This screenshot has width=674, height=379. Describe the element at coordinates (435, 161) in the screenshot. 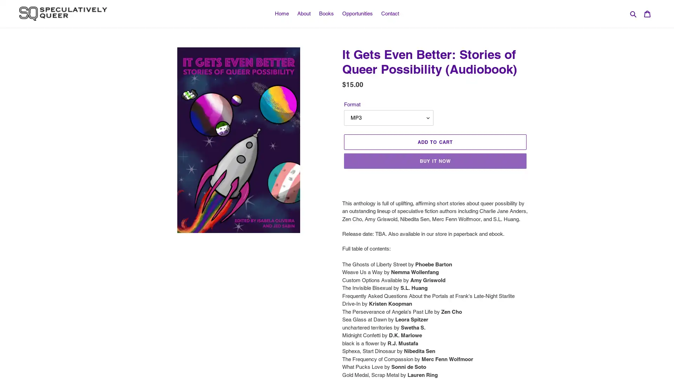

I see `BUY IT NOW` at that location.